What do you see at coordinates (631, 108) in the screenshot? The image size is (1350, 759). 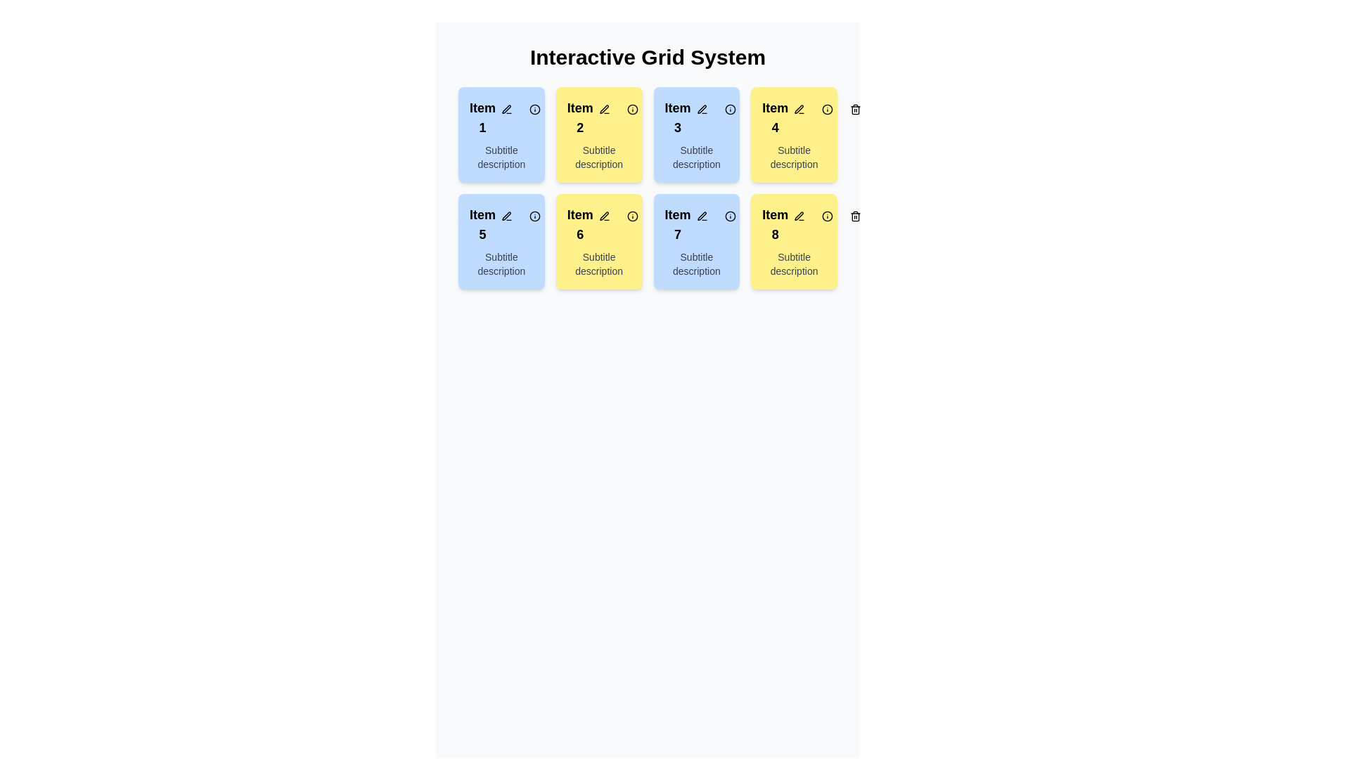 I see `the circular icon with a bordered ring enclosing a central dot located in the top-right corner of the 'Item 2' card` at bounding box center [631, 108].